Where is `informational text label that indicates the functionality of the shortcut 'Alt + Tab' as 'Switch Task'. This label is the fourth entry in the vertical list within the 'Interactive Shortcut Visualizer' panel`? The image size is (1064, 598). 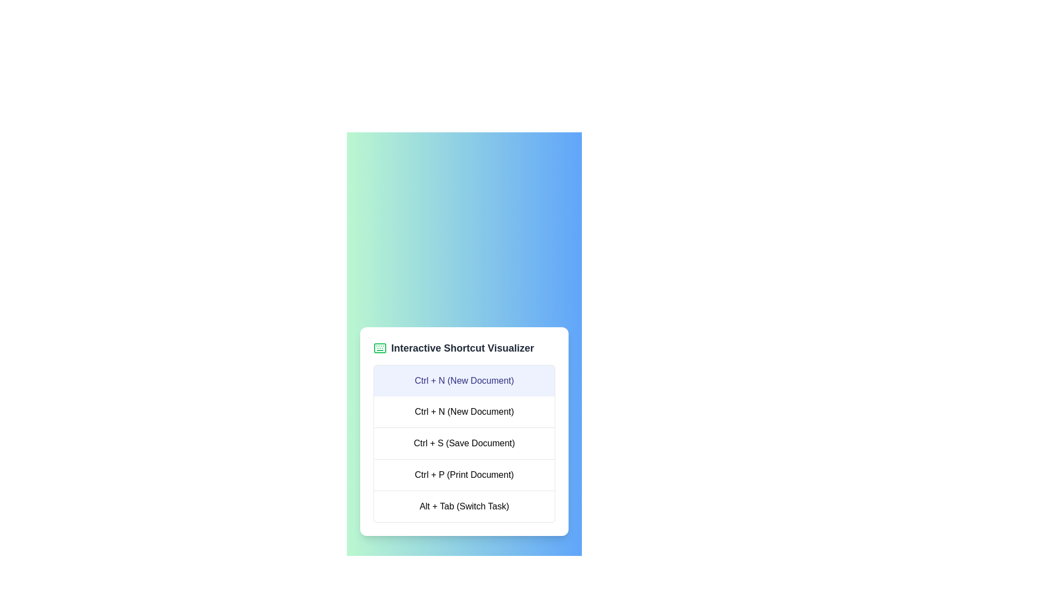 informational text label that indicates the functionality of the shortcut 'Alt + Tab' as 'Switch Task'. This label is the fourth entry in the vertical list within the 'Interactive Shortcut Visualizer' panel is located at coordinates (464, 506).